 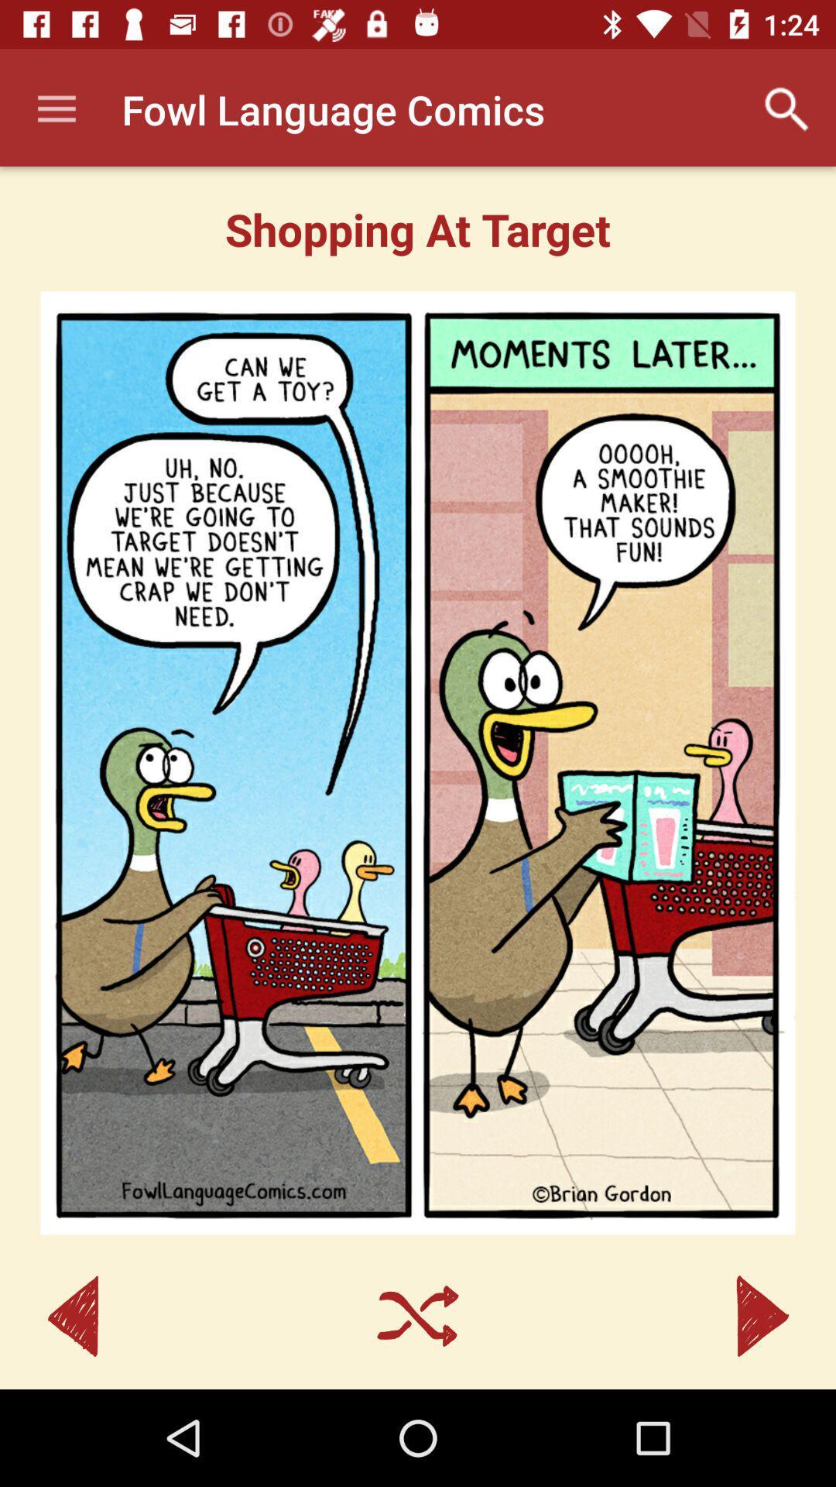 What do you see at coordinates (56, 108) in the screenshot?
I see `icon next to the fowl language comics item` at bounding box center [56, 108].